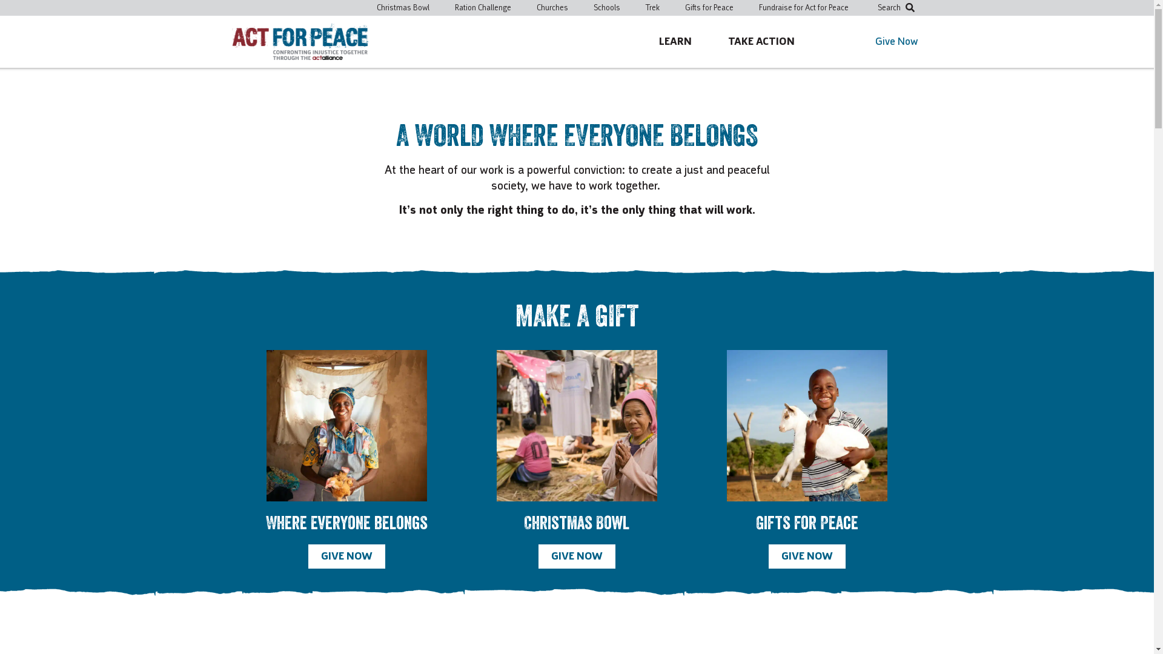 This screenshot has height=654, width=1163. Describe the element at coordinates (552, 7) in the screenshot. I see `'Churches'` at that location.